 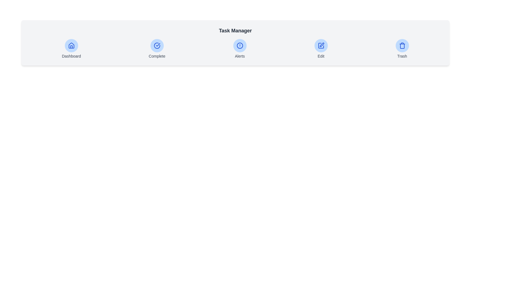 What do you see at coordinates (321, 56) in the screenshot?
I see `the 'Edit' text label, which is displayed in small-sized, gray-colored font below a blue pen icon in the navigation bar` at bounding box center [321, 56].